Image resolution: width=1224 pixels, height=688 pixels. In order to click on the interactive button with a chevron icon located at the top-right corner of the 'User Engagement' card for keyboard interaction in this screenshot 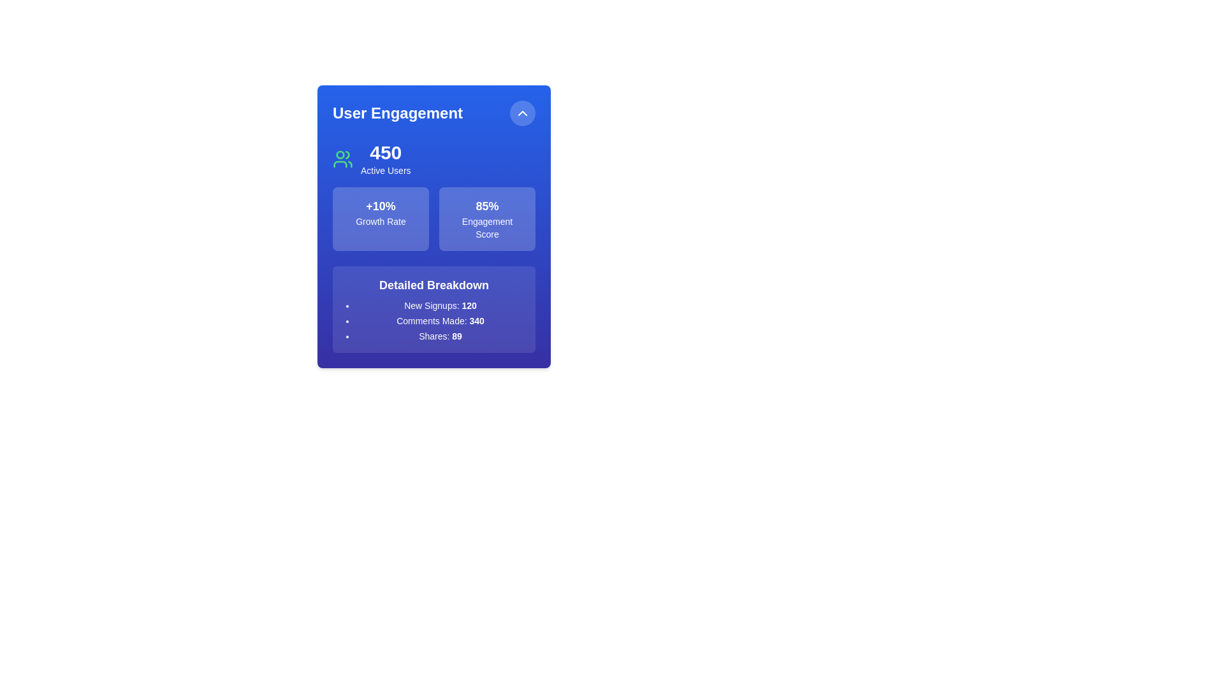, I will do `click(523, 112)`.